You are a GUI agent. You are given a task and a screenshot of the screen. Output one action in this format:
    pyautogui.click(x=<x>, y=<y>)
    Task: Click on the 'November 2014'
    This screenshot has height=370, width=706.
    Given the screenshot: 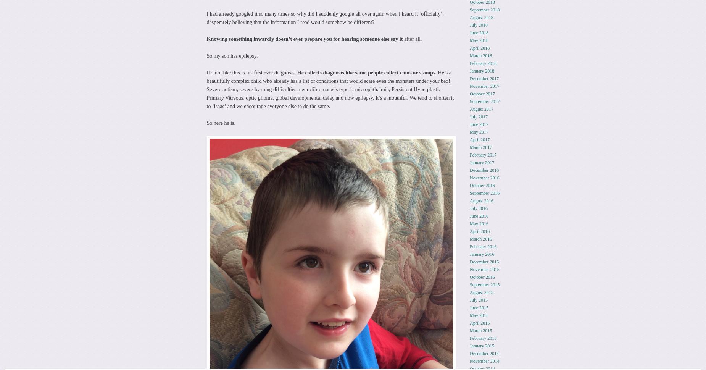 What is the action you would take?
    pyautogui.click(x=484, y=360)
    